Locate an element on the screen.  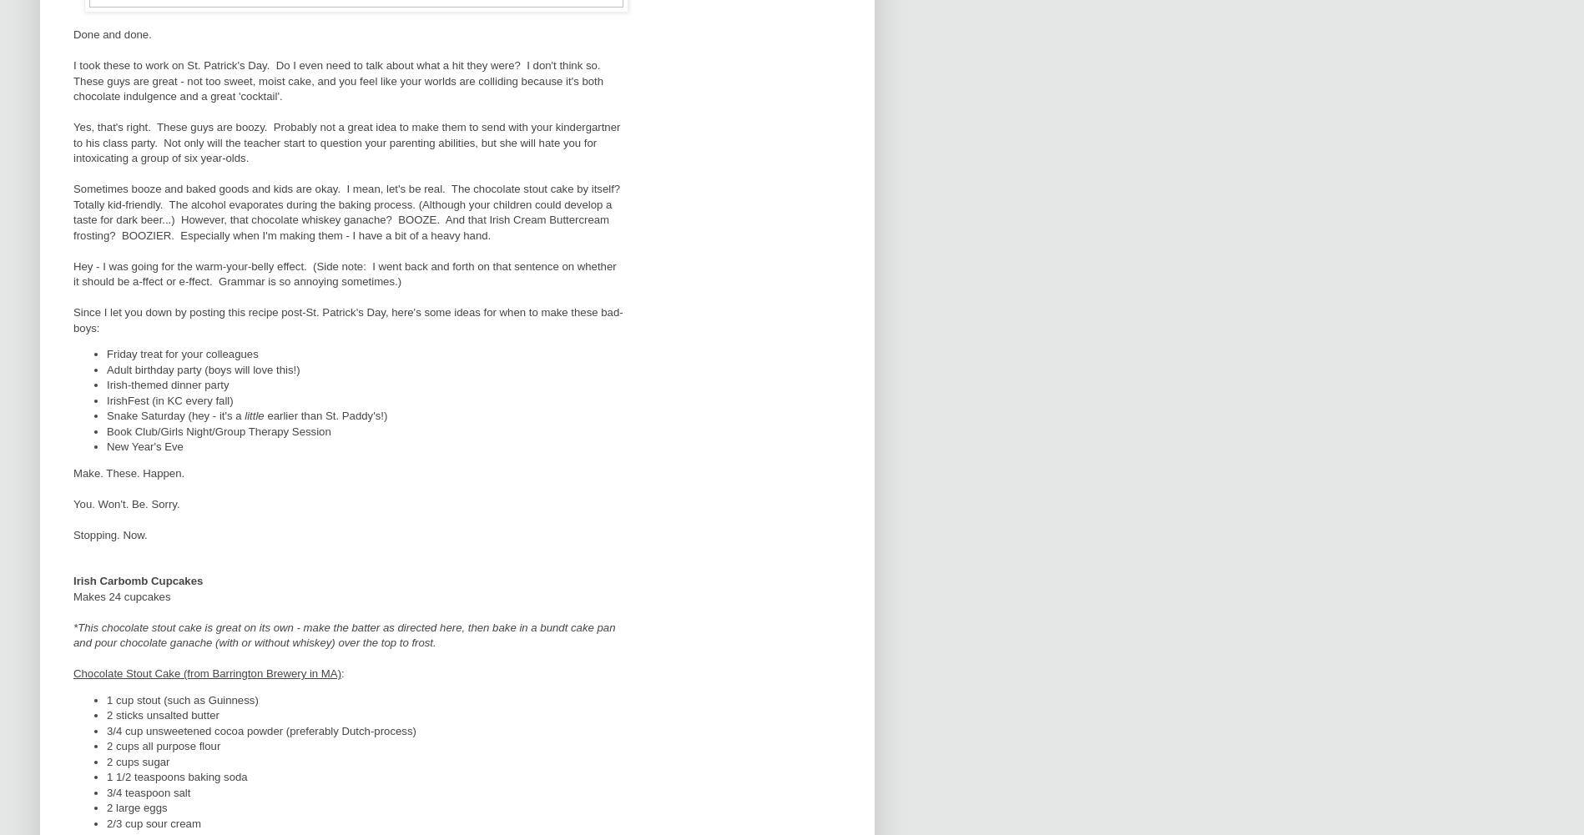
'1 cup stout (such as Guinness)' is located at coordinates (106, 698).